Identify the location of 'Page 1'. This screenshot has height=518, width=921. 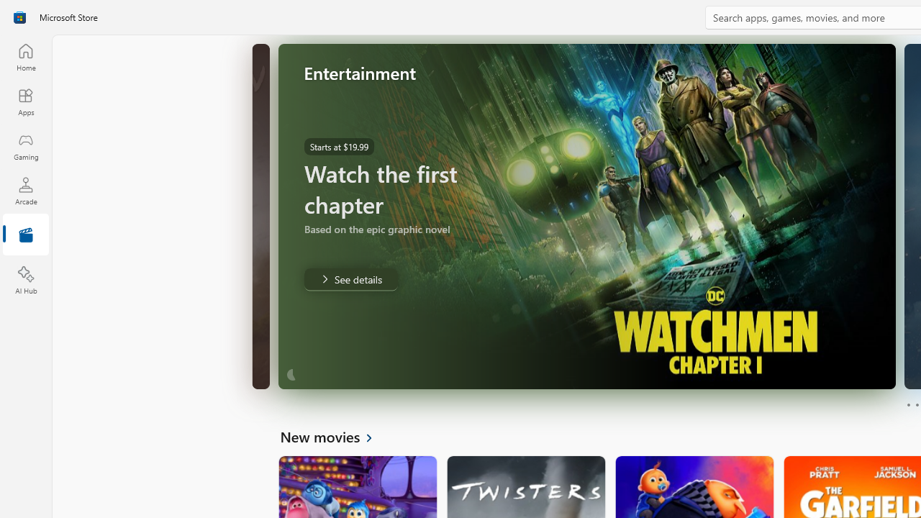
(907, 405).